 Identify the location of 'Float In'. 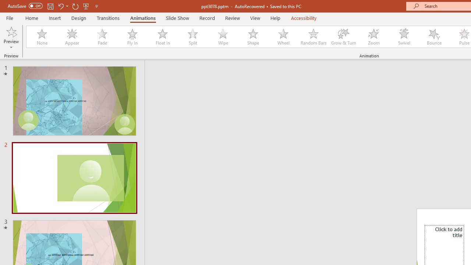
(162, 37).